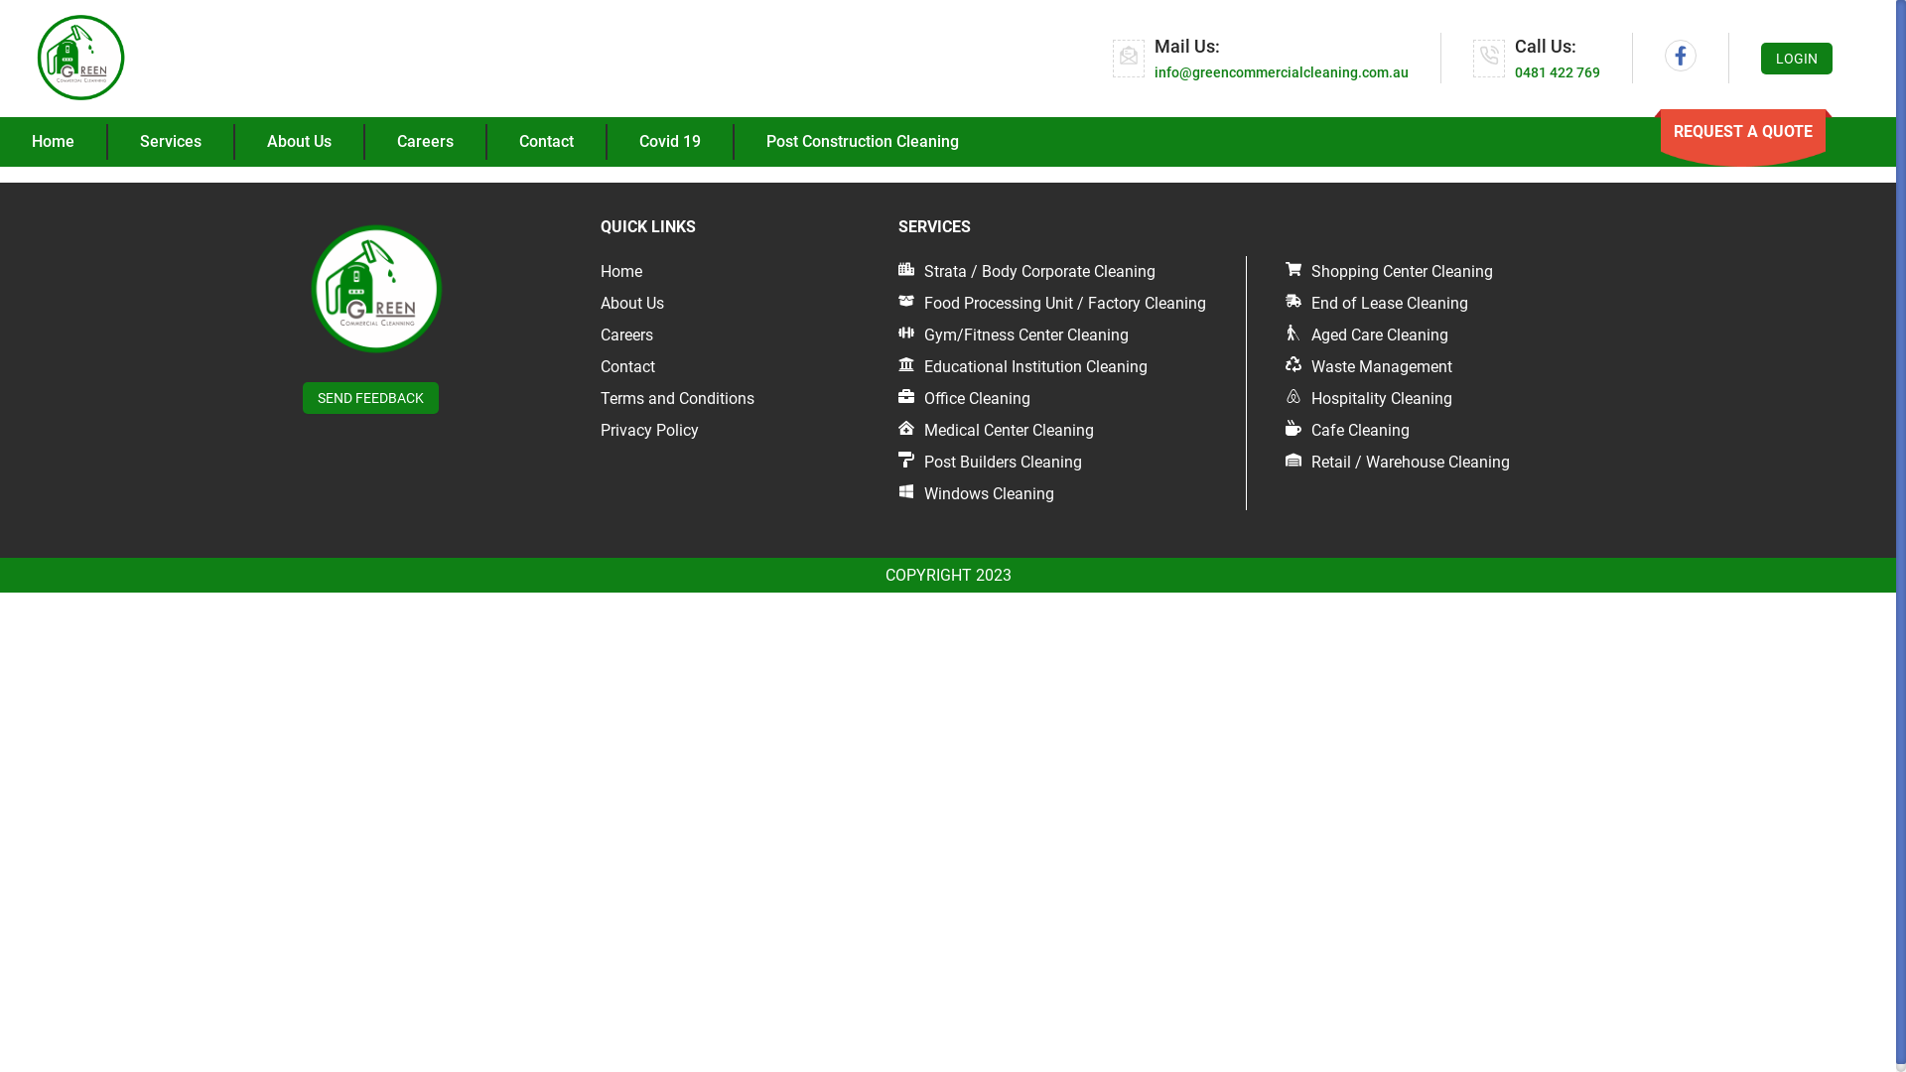 Image resolution: width=1906 pixels, height=1072 pixels. Describe the element at coordinates (1557, 71) in the screenshot. I see `'0481 422 769'` at that location.